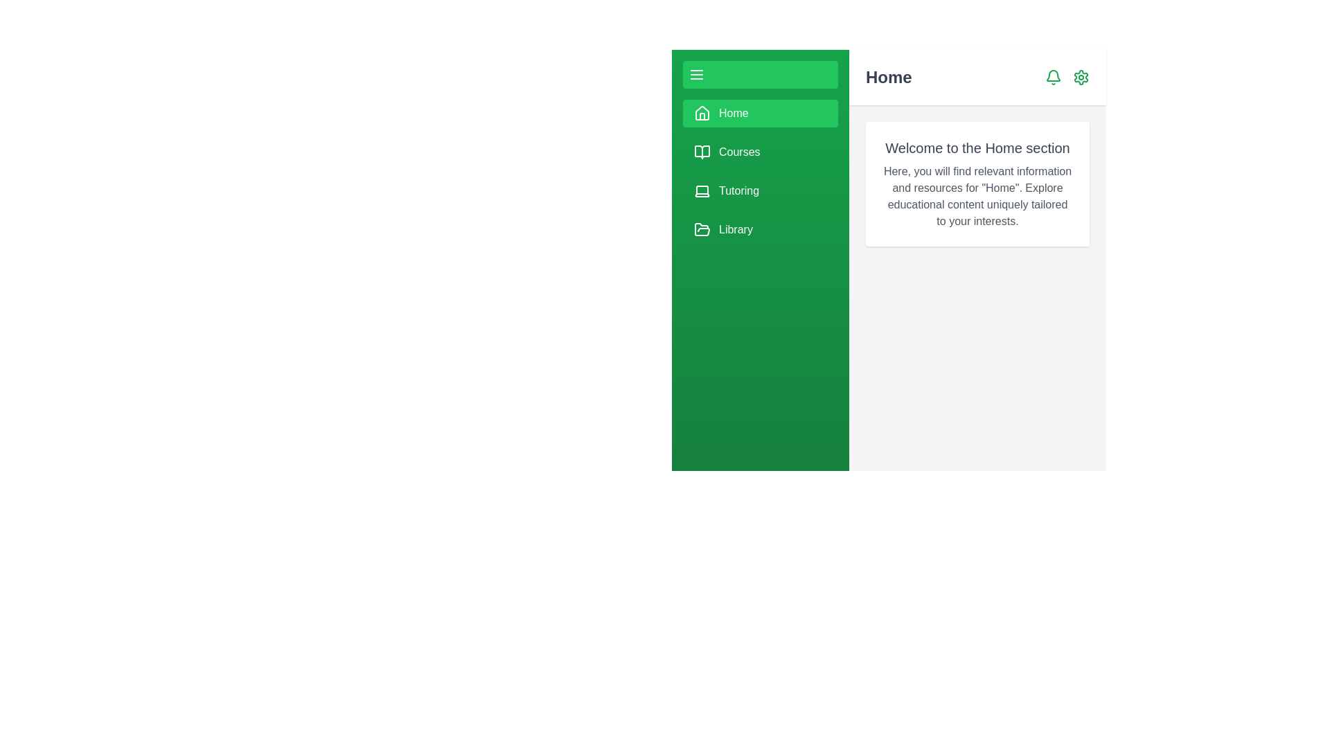 This screenshot has width=1330, height=748. I want to click on the 'Library' navigation option in the vertically stacked navigation menu to activate hover effects, so click(735, 229).